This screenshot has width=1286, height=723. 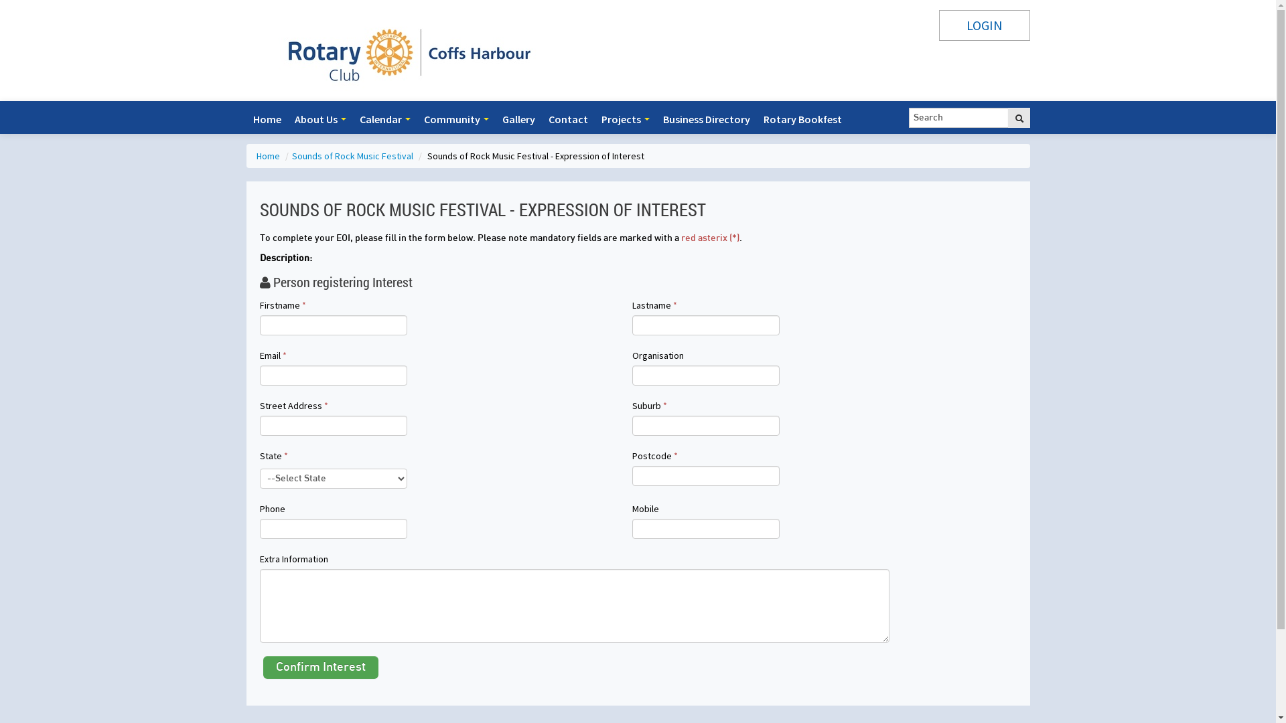 I want to click on 'Home', so click(x=268, y=155).